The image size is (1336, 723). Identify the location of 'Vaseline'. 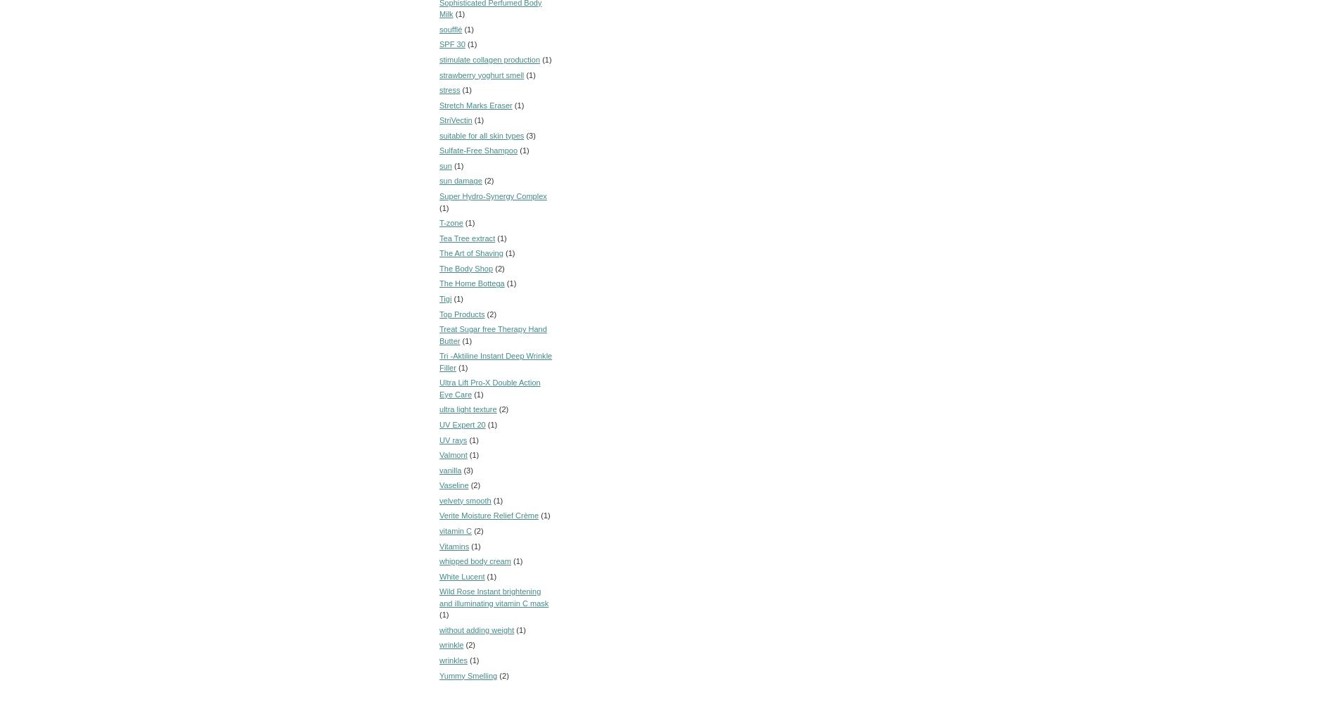
(454, 485).